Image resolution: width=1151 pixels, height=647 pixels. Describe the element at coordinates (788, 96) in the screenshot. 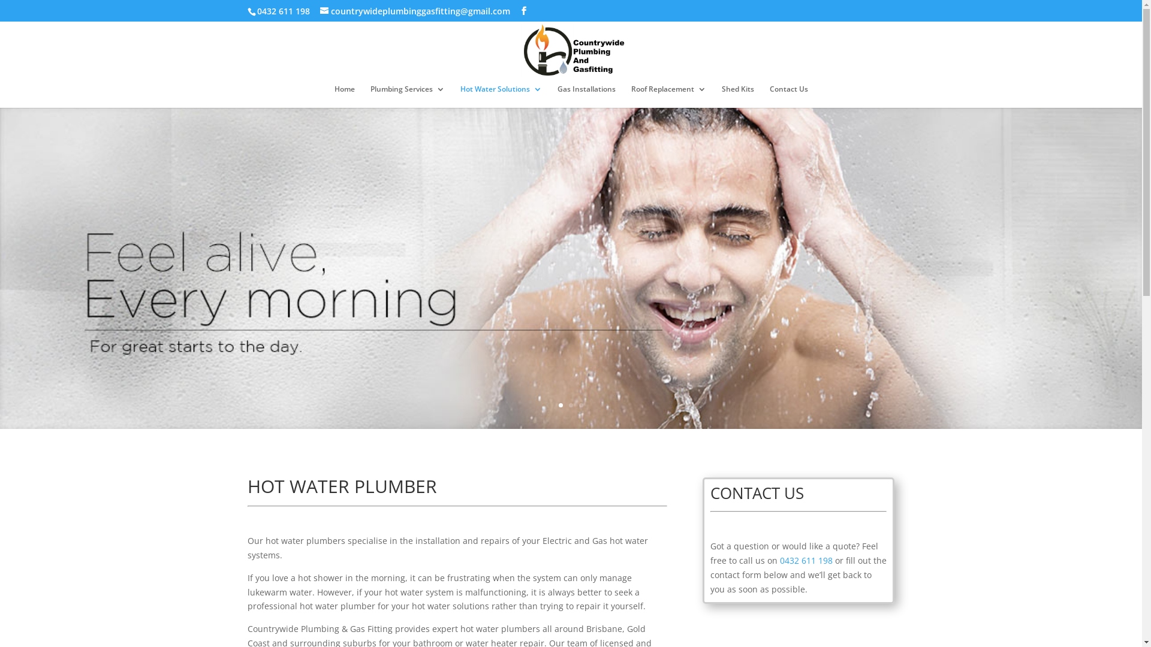

I see `'Contact Us'` at that location.